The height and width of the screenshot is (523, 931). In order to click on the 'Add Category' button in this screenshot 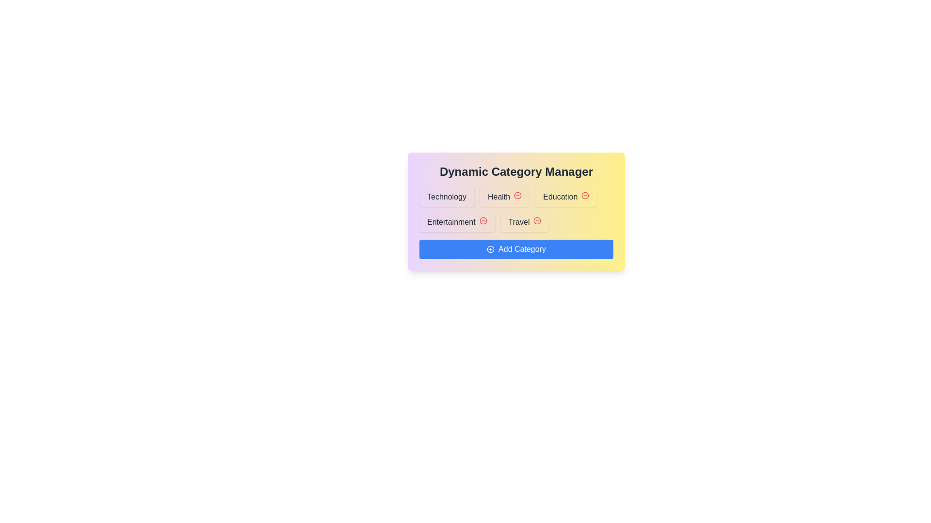, I will do `click(516, 249)`.